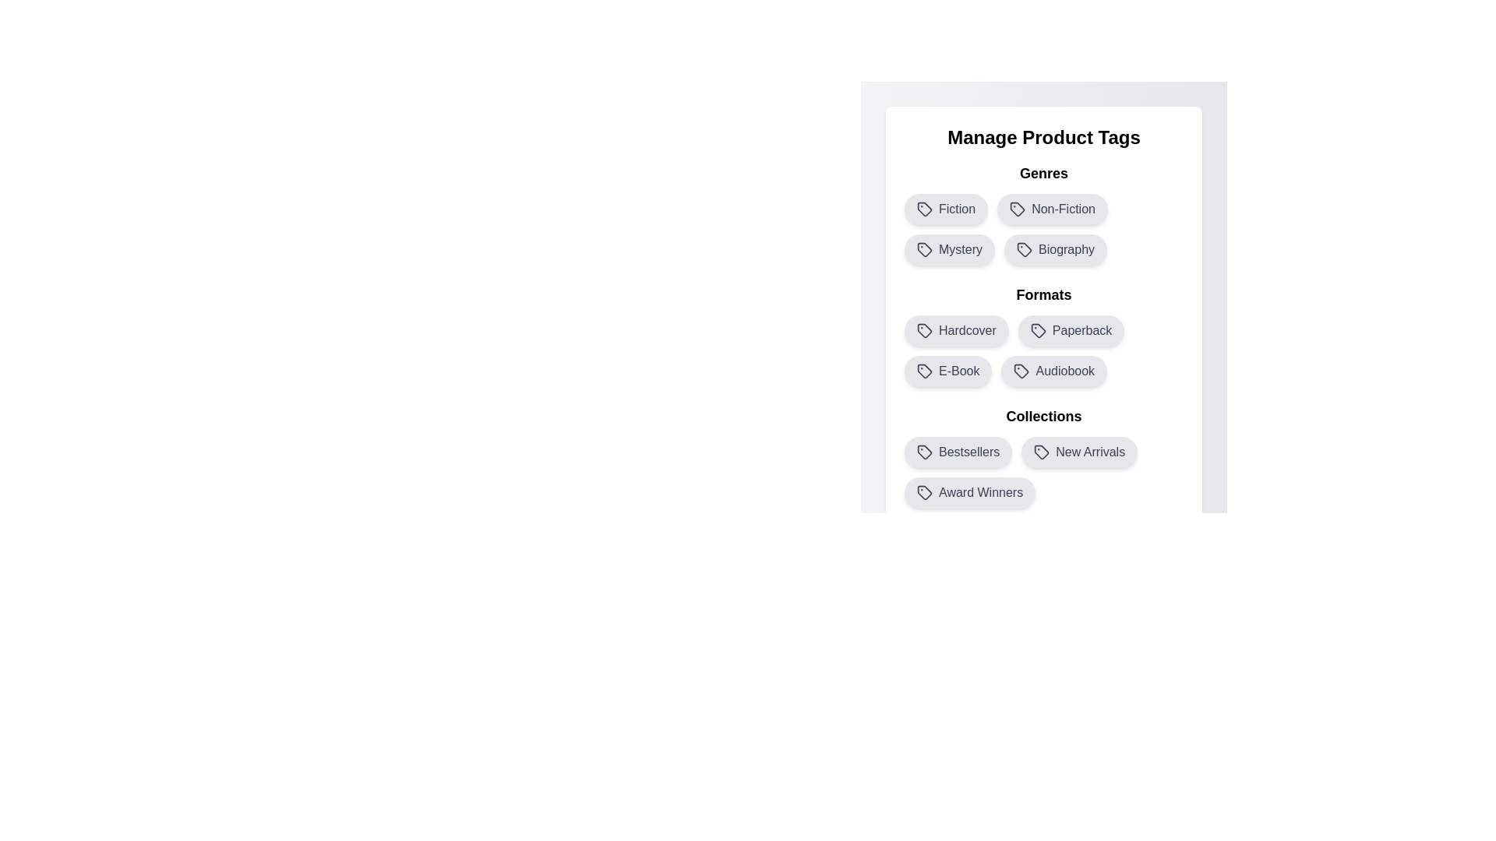  What do you see at coordinates (1038, 329) in the screenshot?
I see `the price tag icon within the 'Formats' selection button on the 'Manage Product Tags' panel` at bounding box center [1038, 329].